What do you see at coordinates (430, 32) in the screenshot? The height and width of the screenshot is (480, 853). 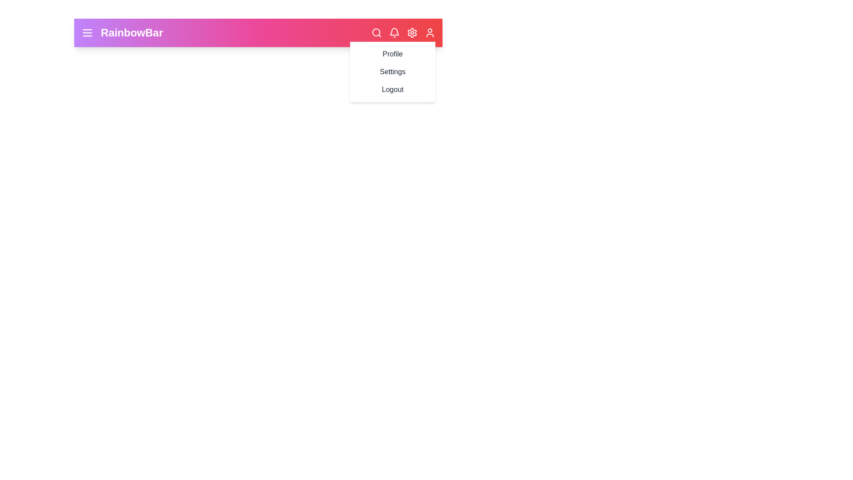 I see `the user icon to open the user menu` at bounding box center [430, 32].